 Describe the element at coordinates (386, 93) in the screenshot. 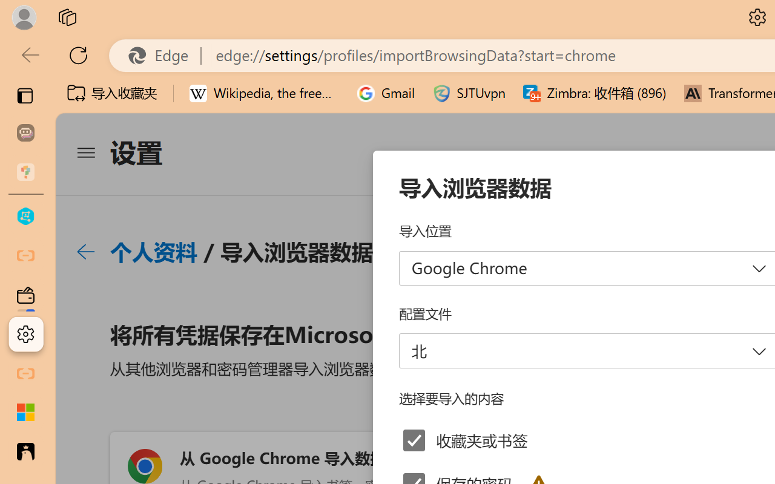

I see `'Gmail'` at that location.